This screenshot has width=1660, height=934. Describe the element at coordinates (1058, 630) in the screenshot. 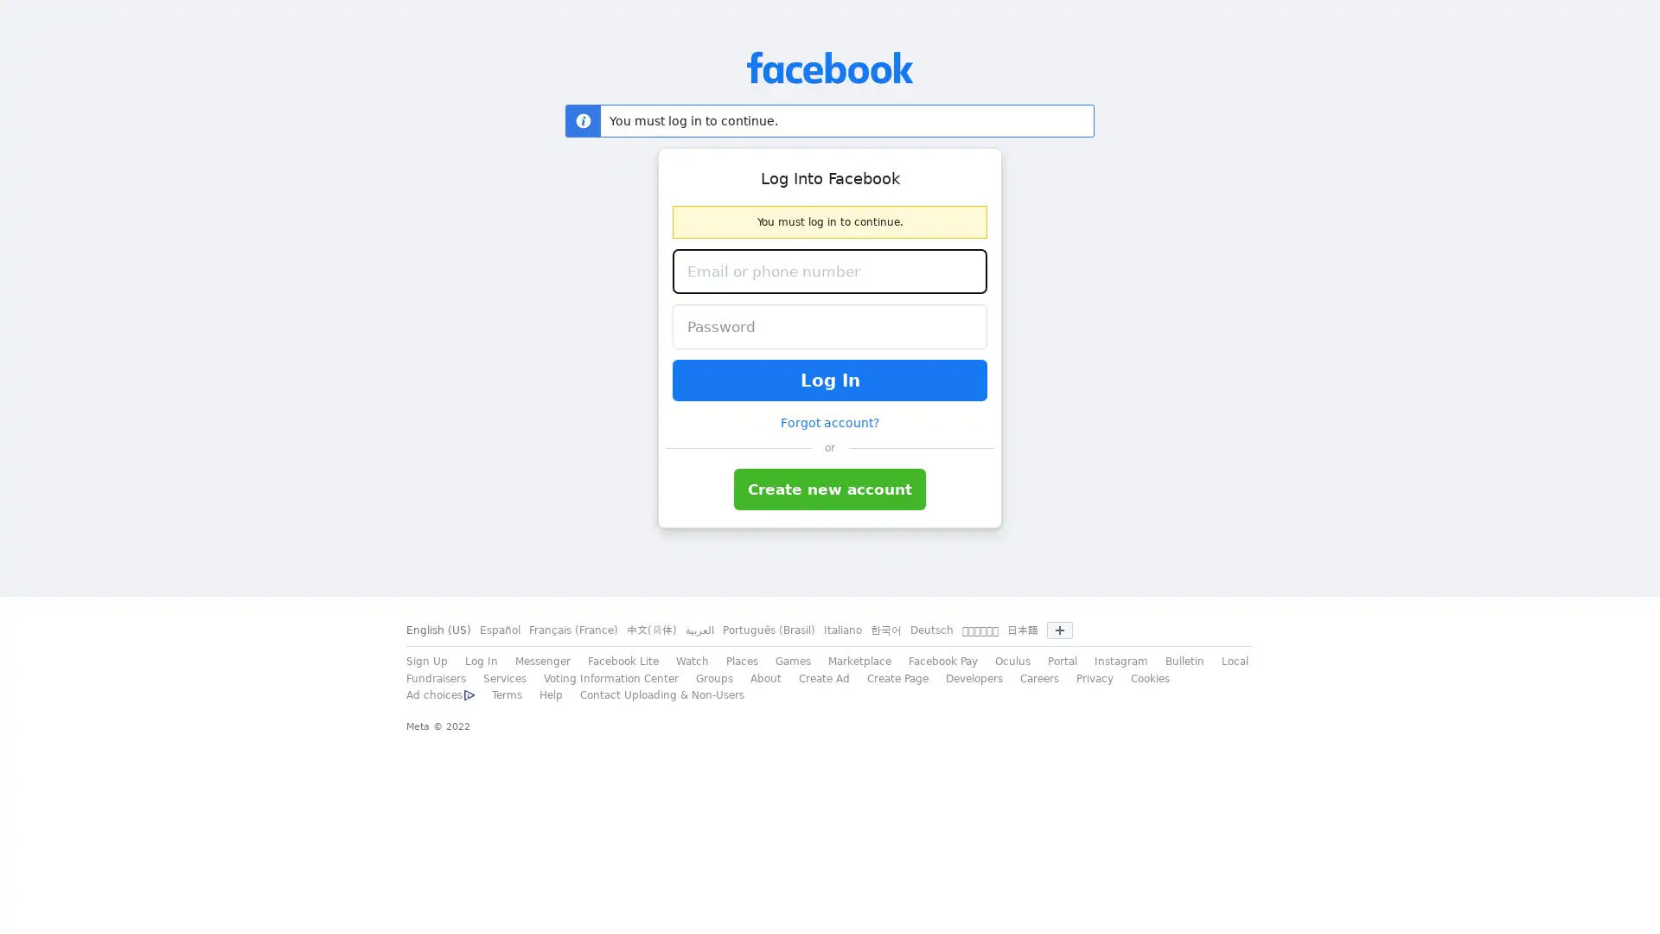

I see `Show more languages` at that location.